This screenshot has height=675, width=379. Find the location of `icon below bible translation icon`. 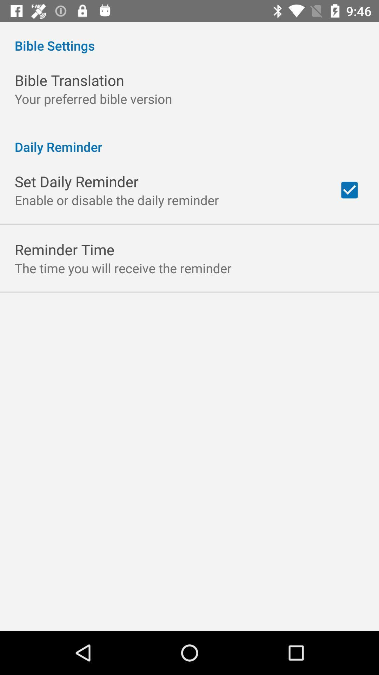

icon below bible translation icon is located at coordinates (93, 98).